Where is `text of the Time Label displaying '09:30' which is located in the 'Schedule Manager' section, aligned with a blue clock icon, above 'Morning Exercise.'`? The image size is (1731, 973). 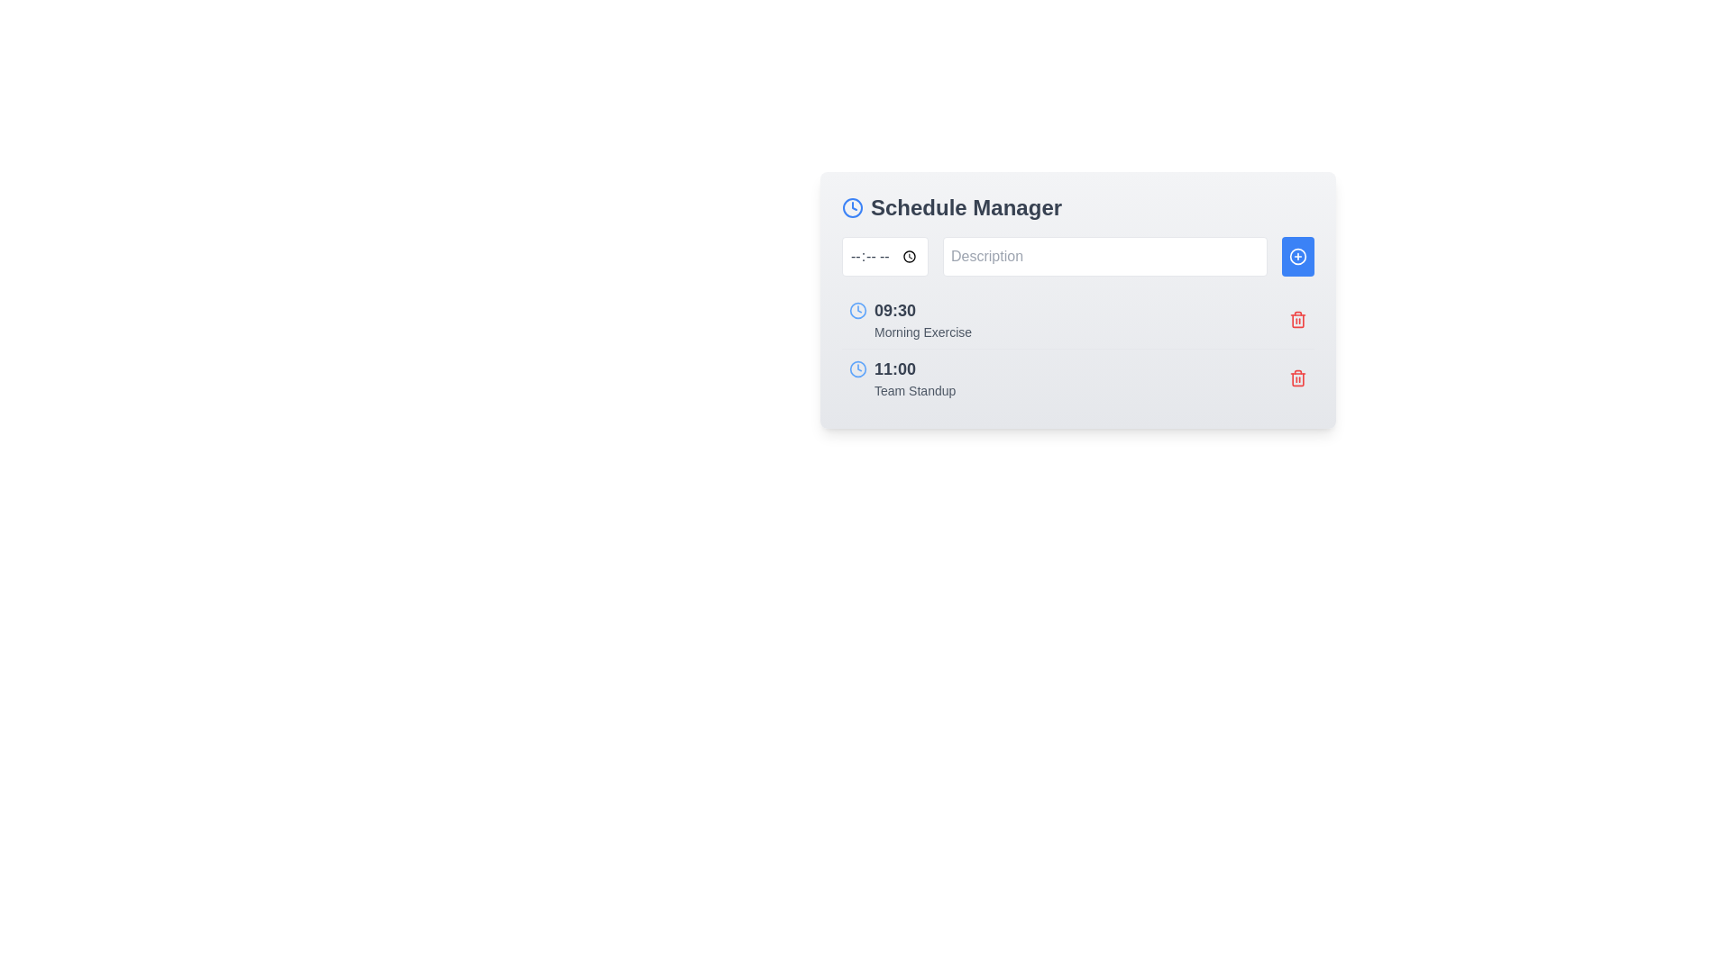 text of the Time Label displaying '09:30' which is located in the 'Schedule Manager' section, aligned with a blue clock icon, above 'Morning Exercise.' is located at coordinates (911, 309).